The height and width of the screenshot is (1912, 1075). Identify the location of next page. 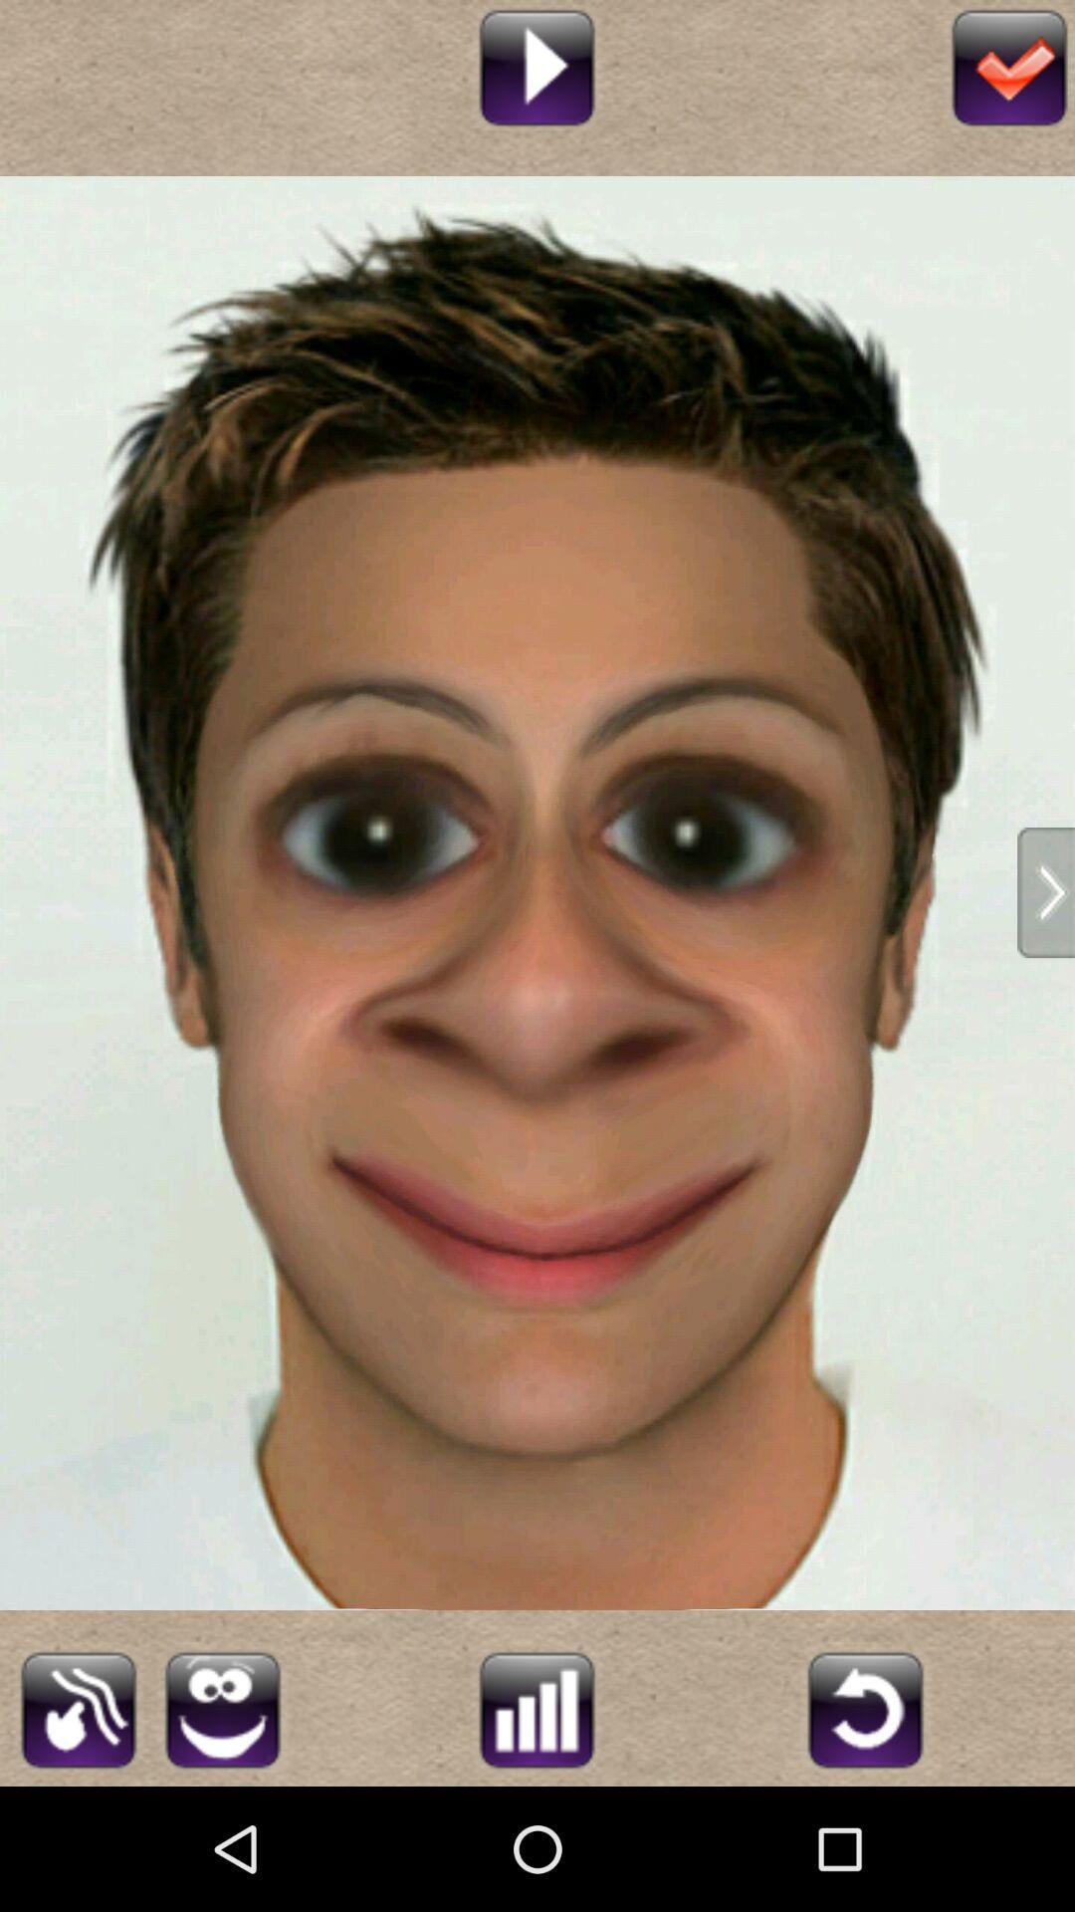
(1045, 891).